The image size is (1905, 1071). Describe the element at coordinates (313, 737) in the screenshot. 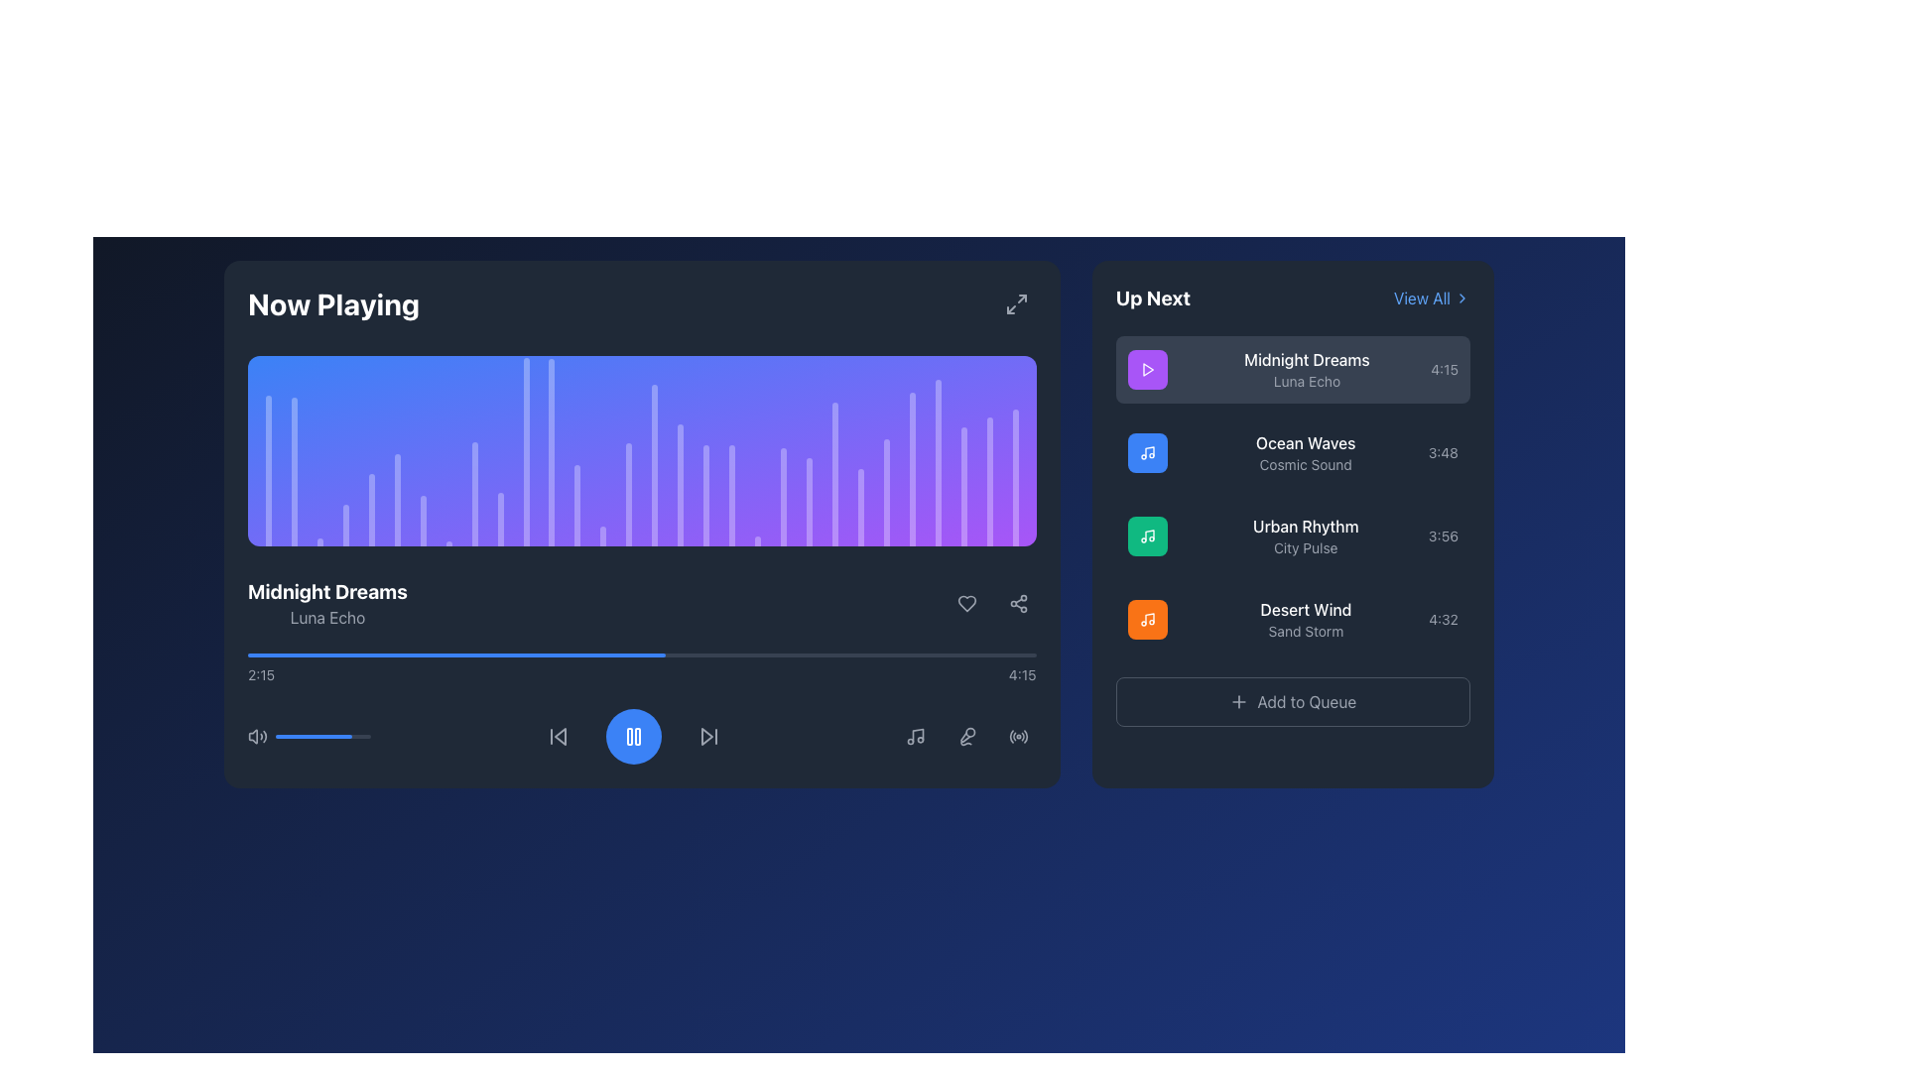

I see `the slider` at that location.